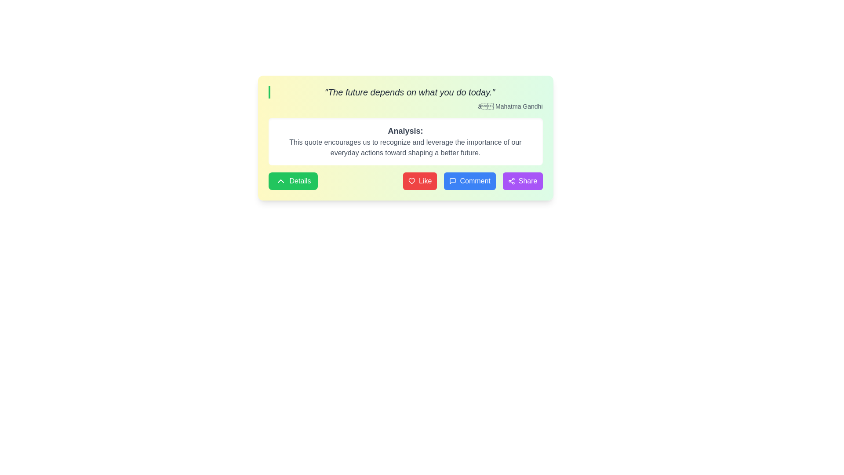 This screenshot has width=844, height=475. What do you see at coordinates (411, 181) in the screenshot?
I see `the red heart-shaped icon outlined in a minimalistic design, located within a button next` at bounding box center [411, 181].